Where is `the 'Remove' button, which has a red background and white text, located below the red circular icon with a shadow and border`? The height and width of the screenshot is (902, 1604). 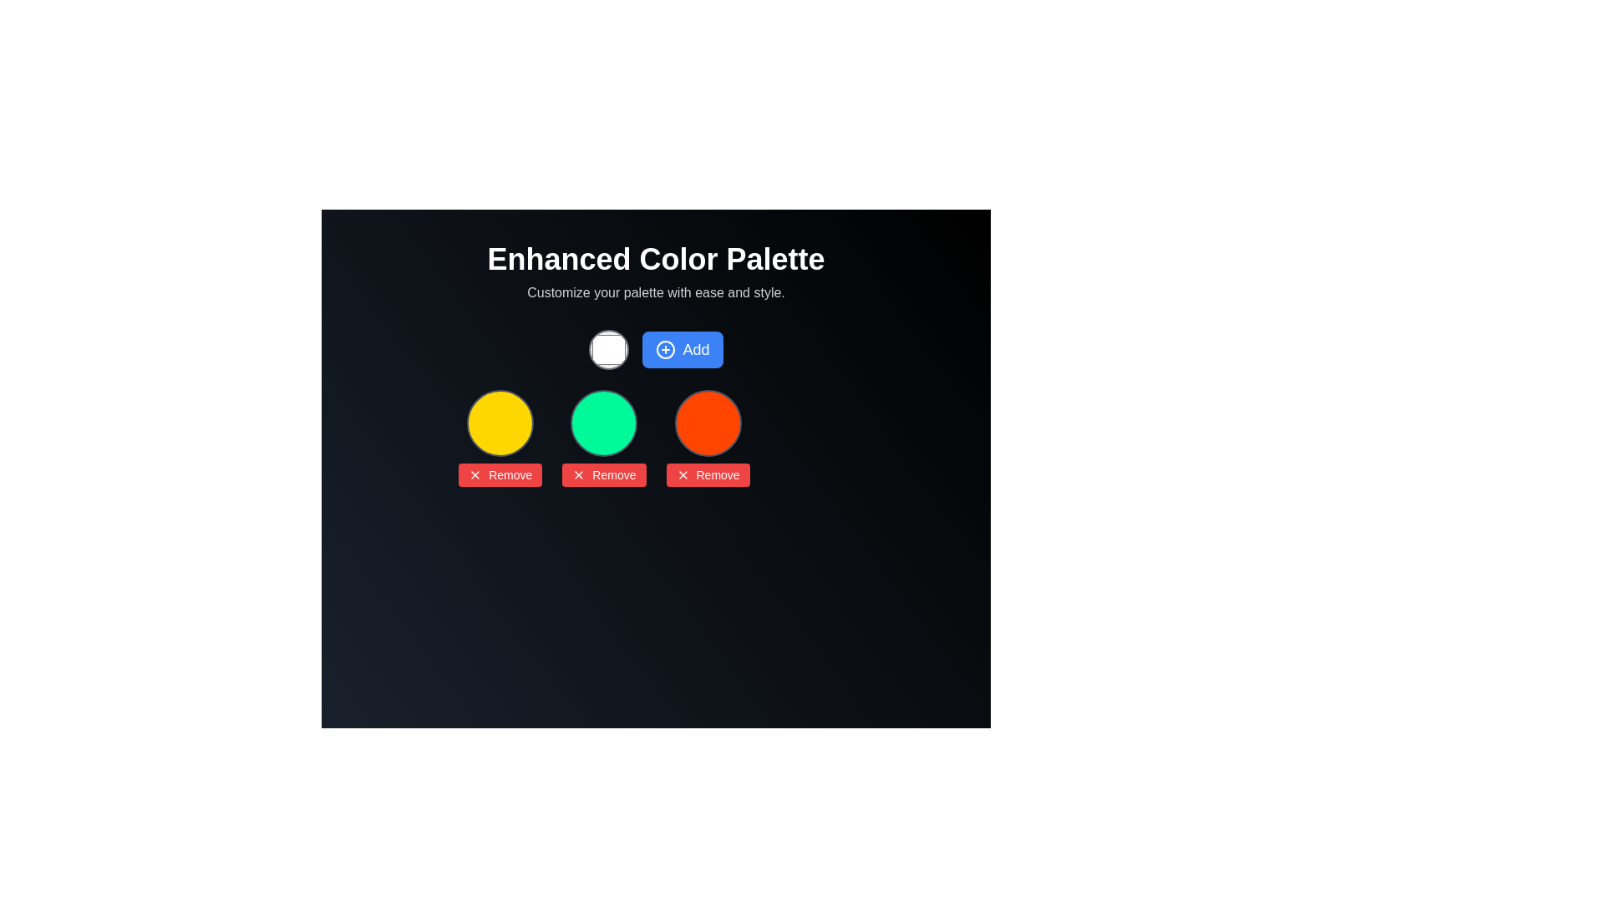
the 'Remove' button, which has a red background and white text, located below the red circular icon with a shadow and border is located at coordinates (708, 437).